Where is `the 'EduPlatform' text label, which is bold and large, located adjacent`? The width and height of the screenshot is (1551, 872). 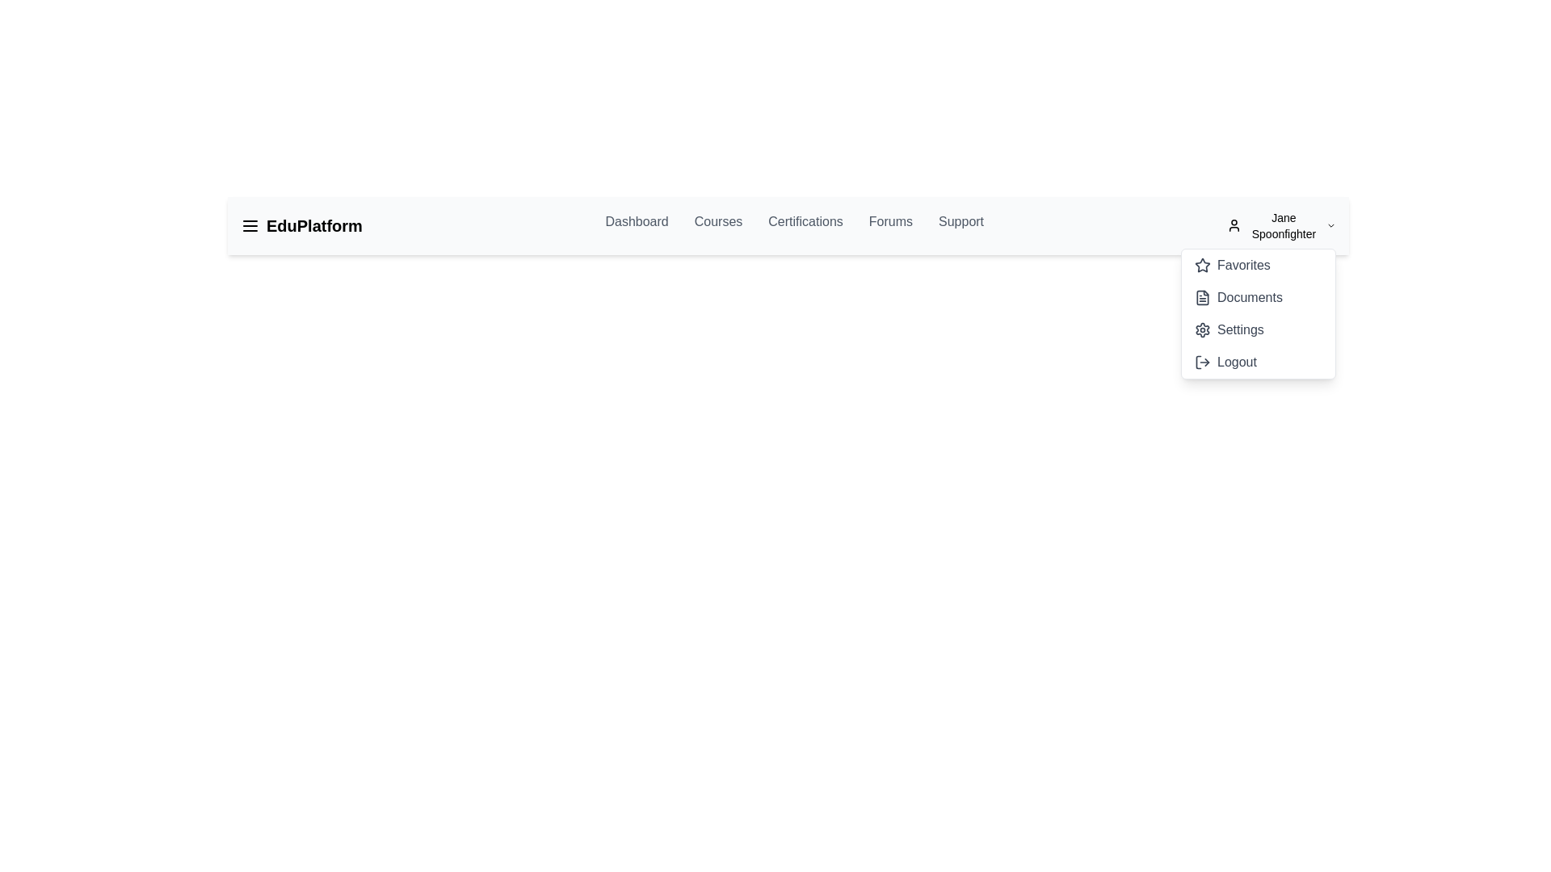 the 'EduPlatform' text label, which is bold and large, located adjacent is located at coordinates (301, 226).